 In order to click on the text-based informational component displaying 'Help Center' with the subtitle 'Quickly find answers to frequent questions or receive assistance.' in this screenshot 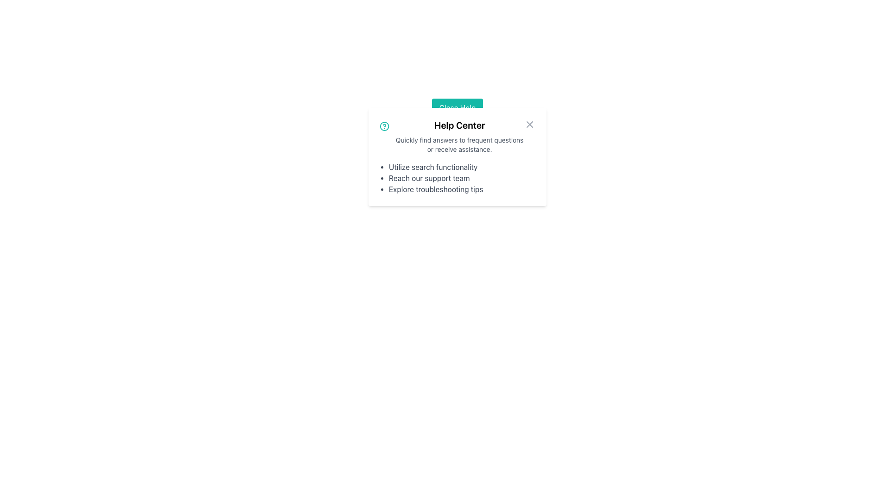, I will do `click(459, 136)`.